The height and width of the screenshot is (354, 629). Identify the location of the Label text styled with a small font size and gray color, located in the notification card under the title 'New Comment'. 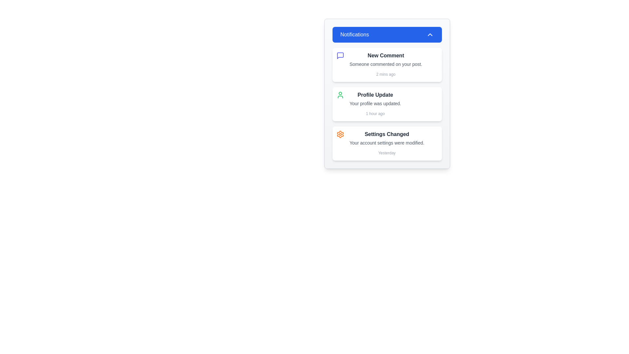
(386, 64).